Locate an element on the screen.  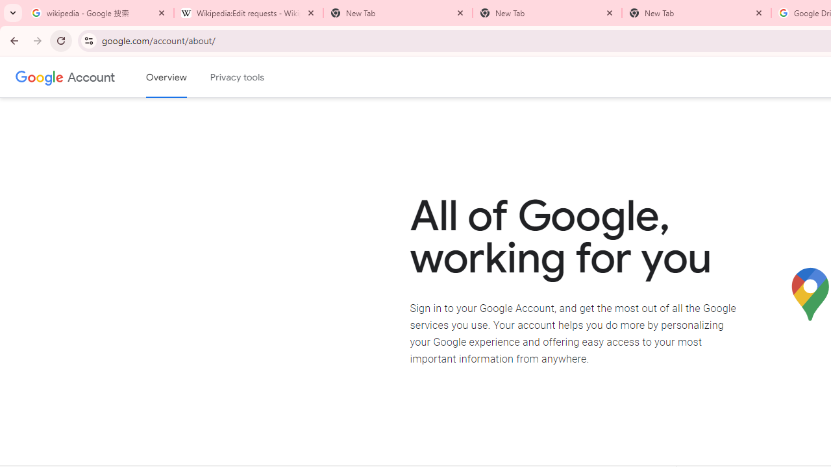
'Google Account' is located at coordinates (90, 77).